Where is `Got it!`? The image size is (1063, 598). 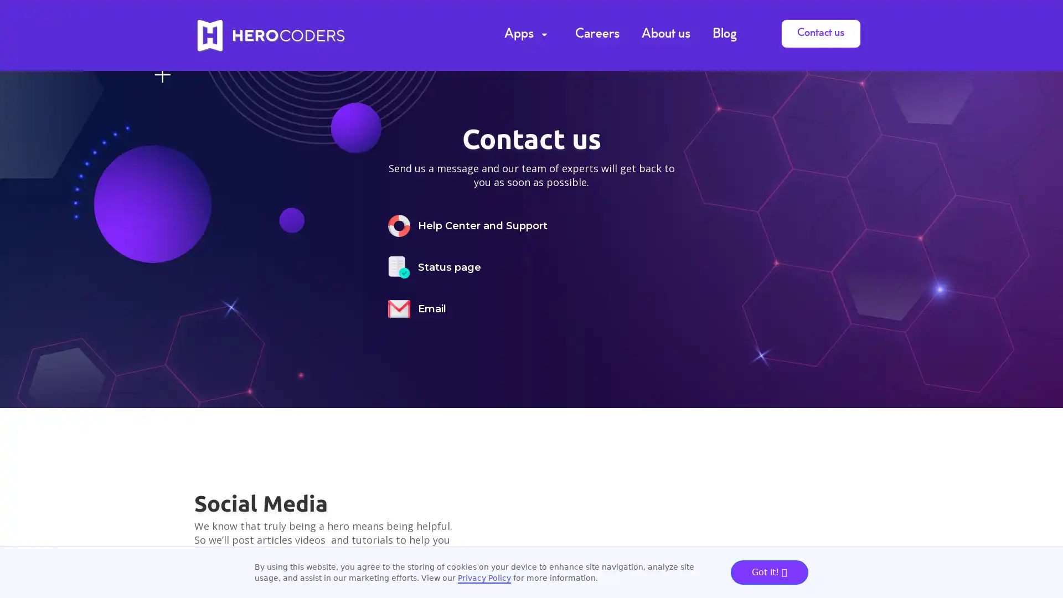 Got it! is located at coordinates (769, 572).